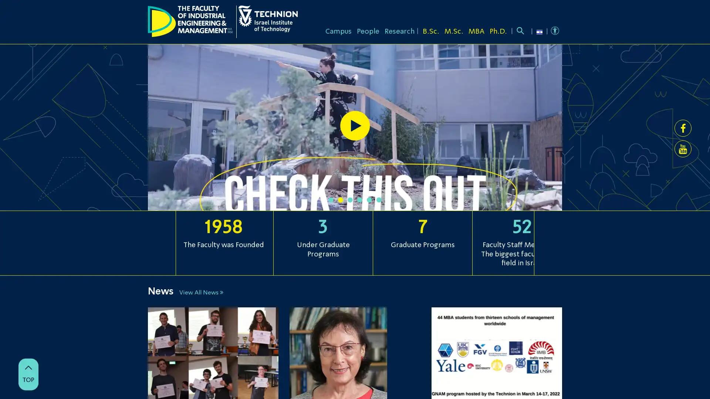  I want to click on 3, so click(349, 199).